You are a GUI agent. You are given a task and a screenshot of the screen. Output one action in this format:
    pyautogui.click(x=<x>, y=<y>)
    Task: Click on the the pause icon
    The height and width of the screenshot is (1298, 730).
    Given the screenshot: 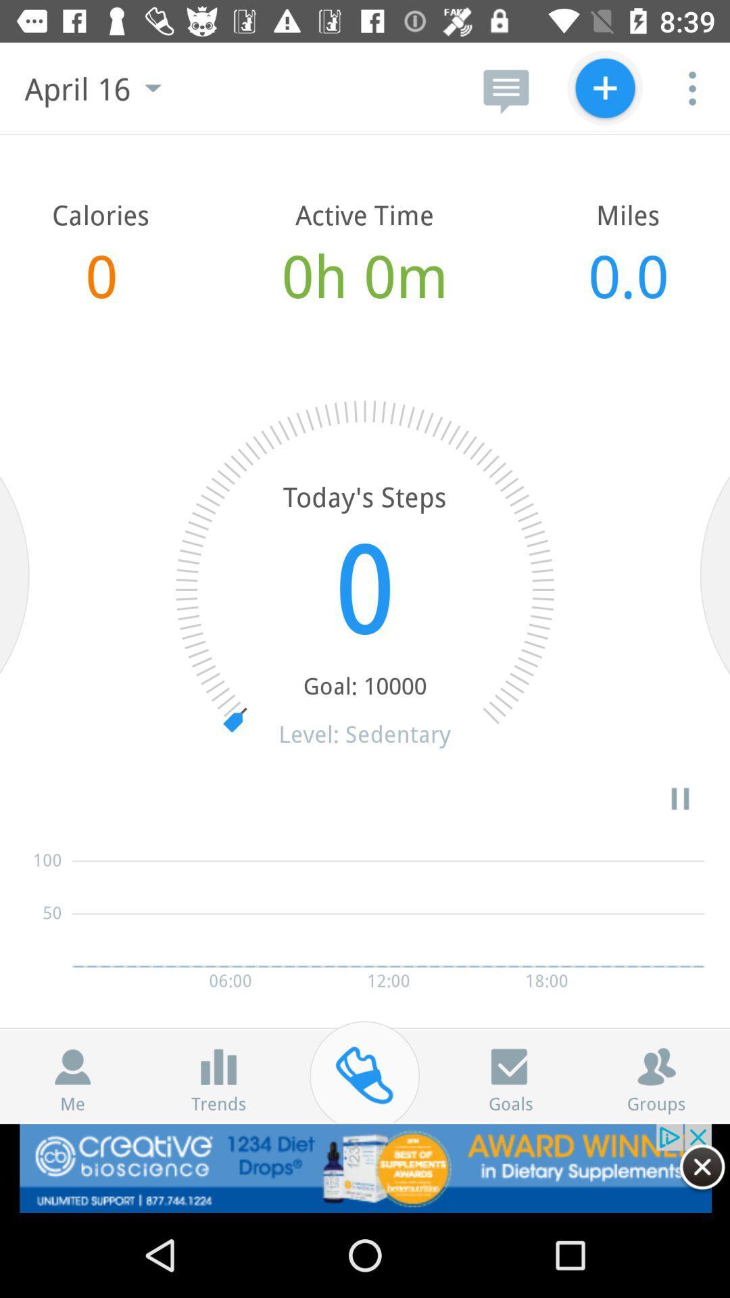 What is the action you would take?
    pyautogui.click(x=218, y=1066)
    